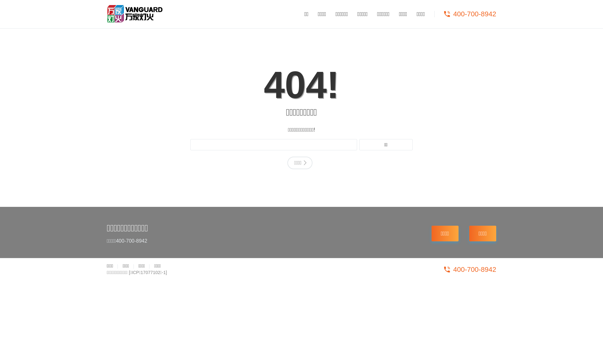 Image resolution: width=603 pixels, height=339 pixels. What do you see at coordinates (469, 14) in the screenshot?
I see `'400-700-8942'` at bounding box center [469, 14].